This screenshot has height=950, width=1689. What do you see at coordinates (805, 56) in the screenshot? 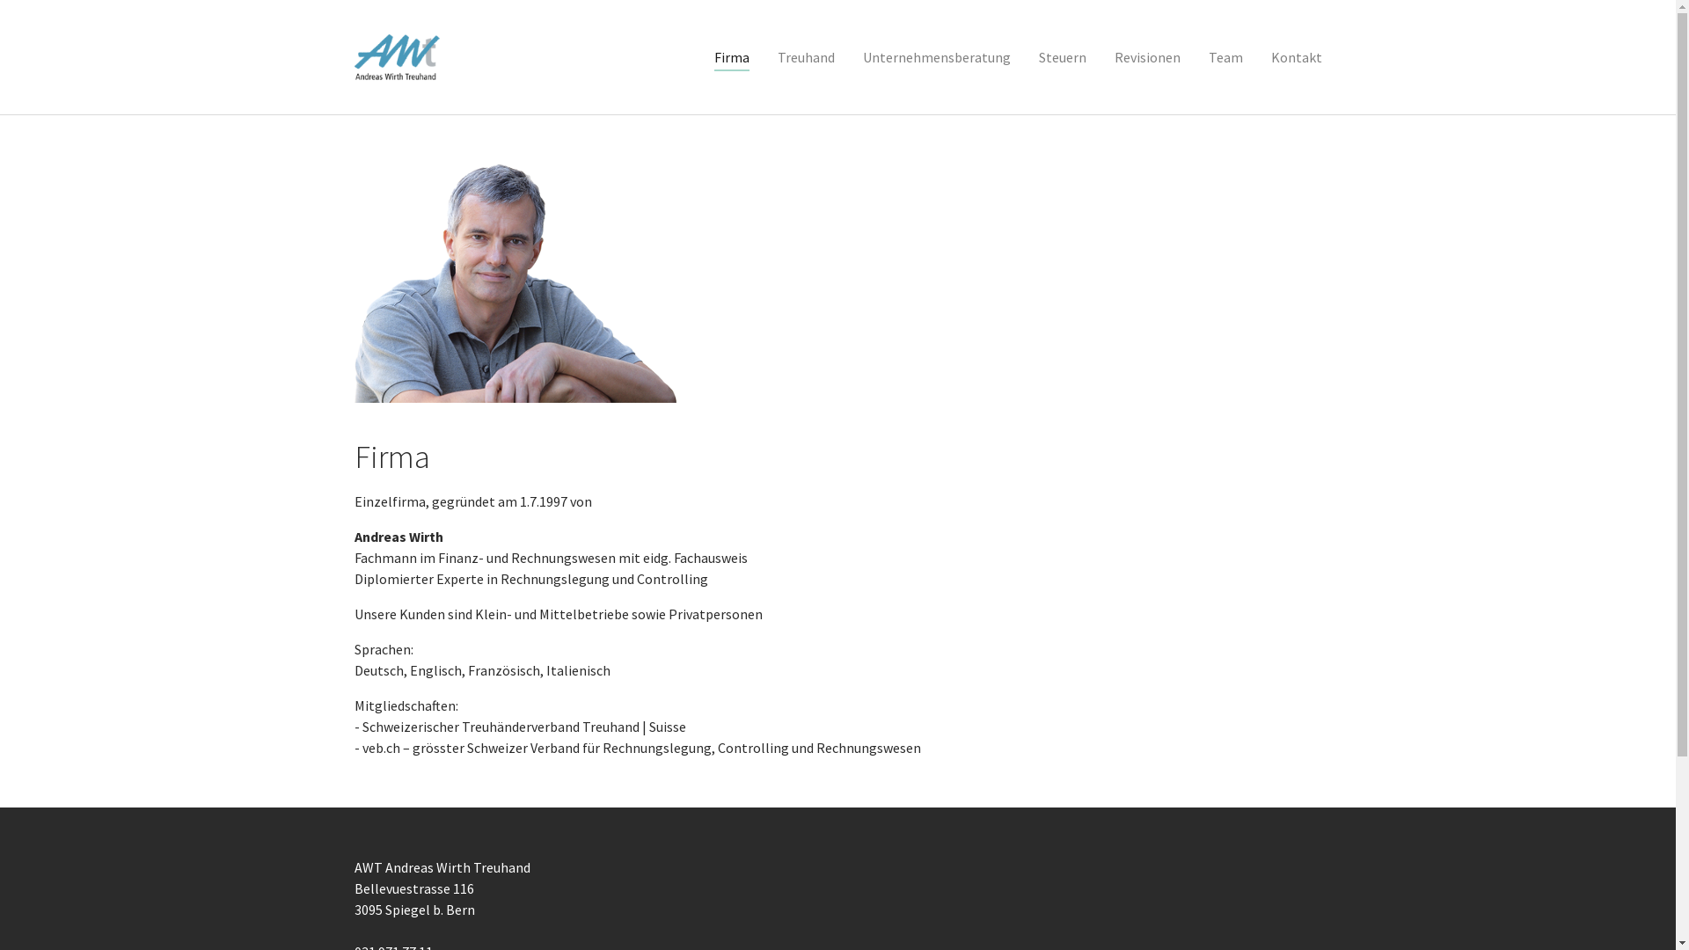
I see `'Treuhand'` at bounding box center [805, 56].